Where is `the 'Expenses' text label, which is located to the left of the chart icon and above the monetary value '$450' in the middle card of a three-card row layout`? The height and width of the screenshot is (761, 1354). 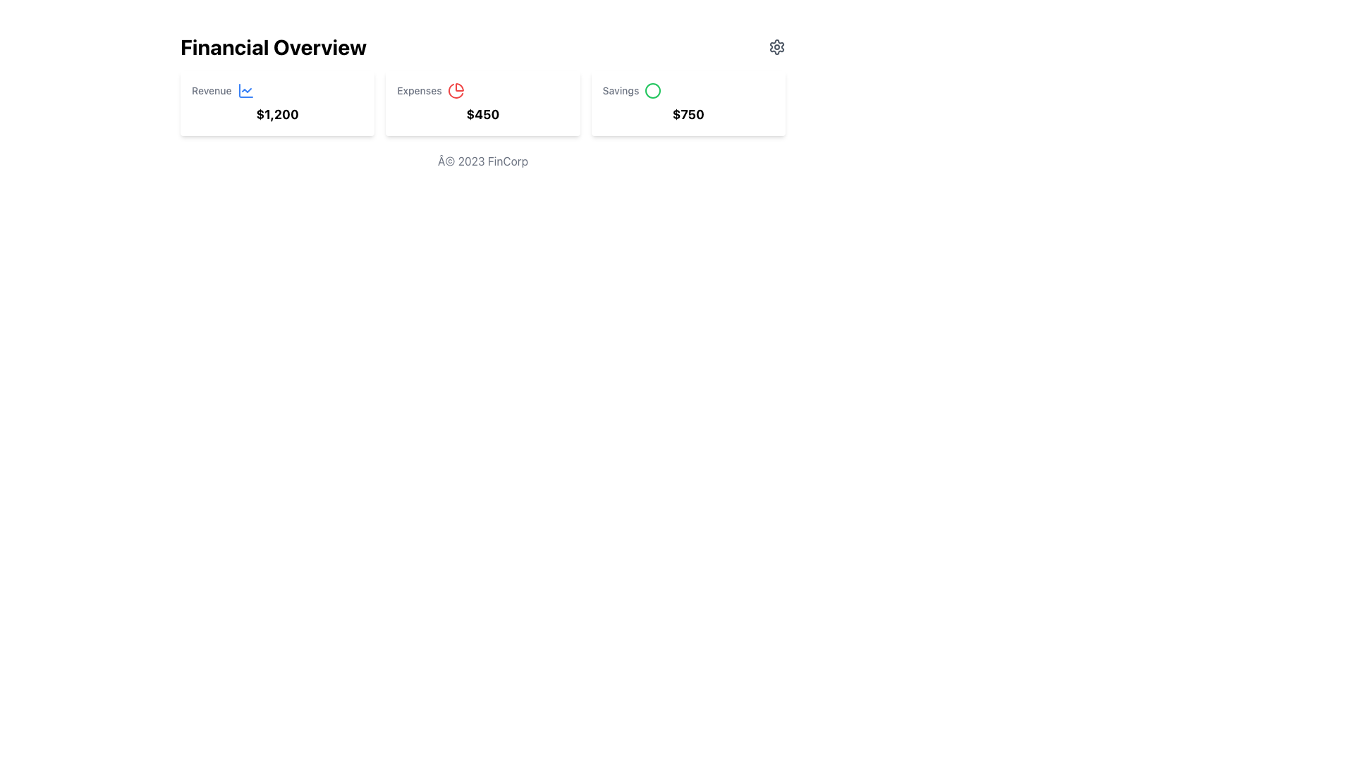 the 'Expenses' text label, which is located to the left of the chart icon and above the monetary value '$450' in the middle card of a three-card row layout is located at coordinates (419, 90).